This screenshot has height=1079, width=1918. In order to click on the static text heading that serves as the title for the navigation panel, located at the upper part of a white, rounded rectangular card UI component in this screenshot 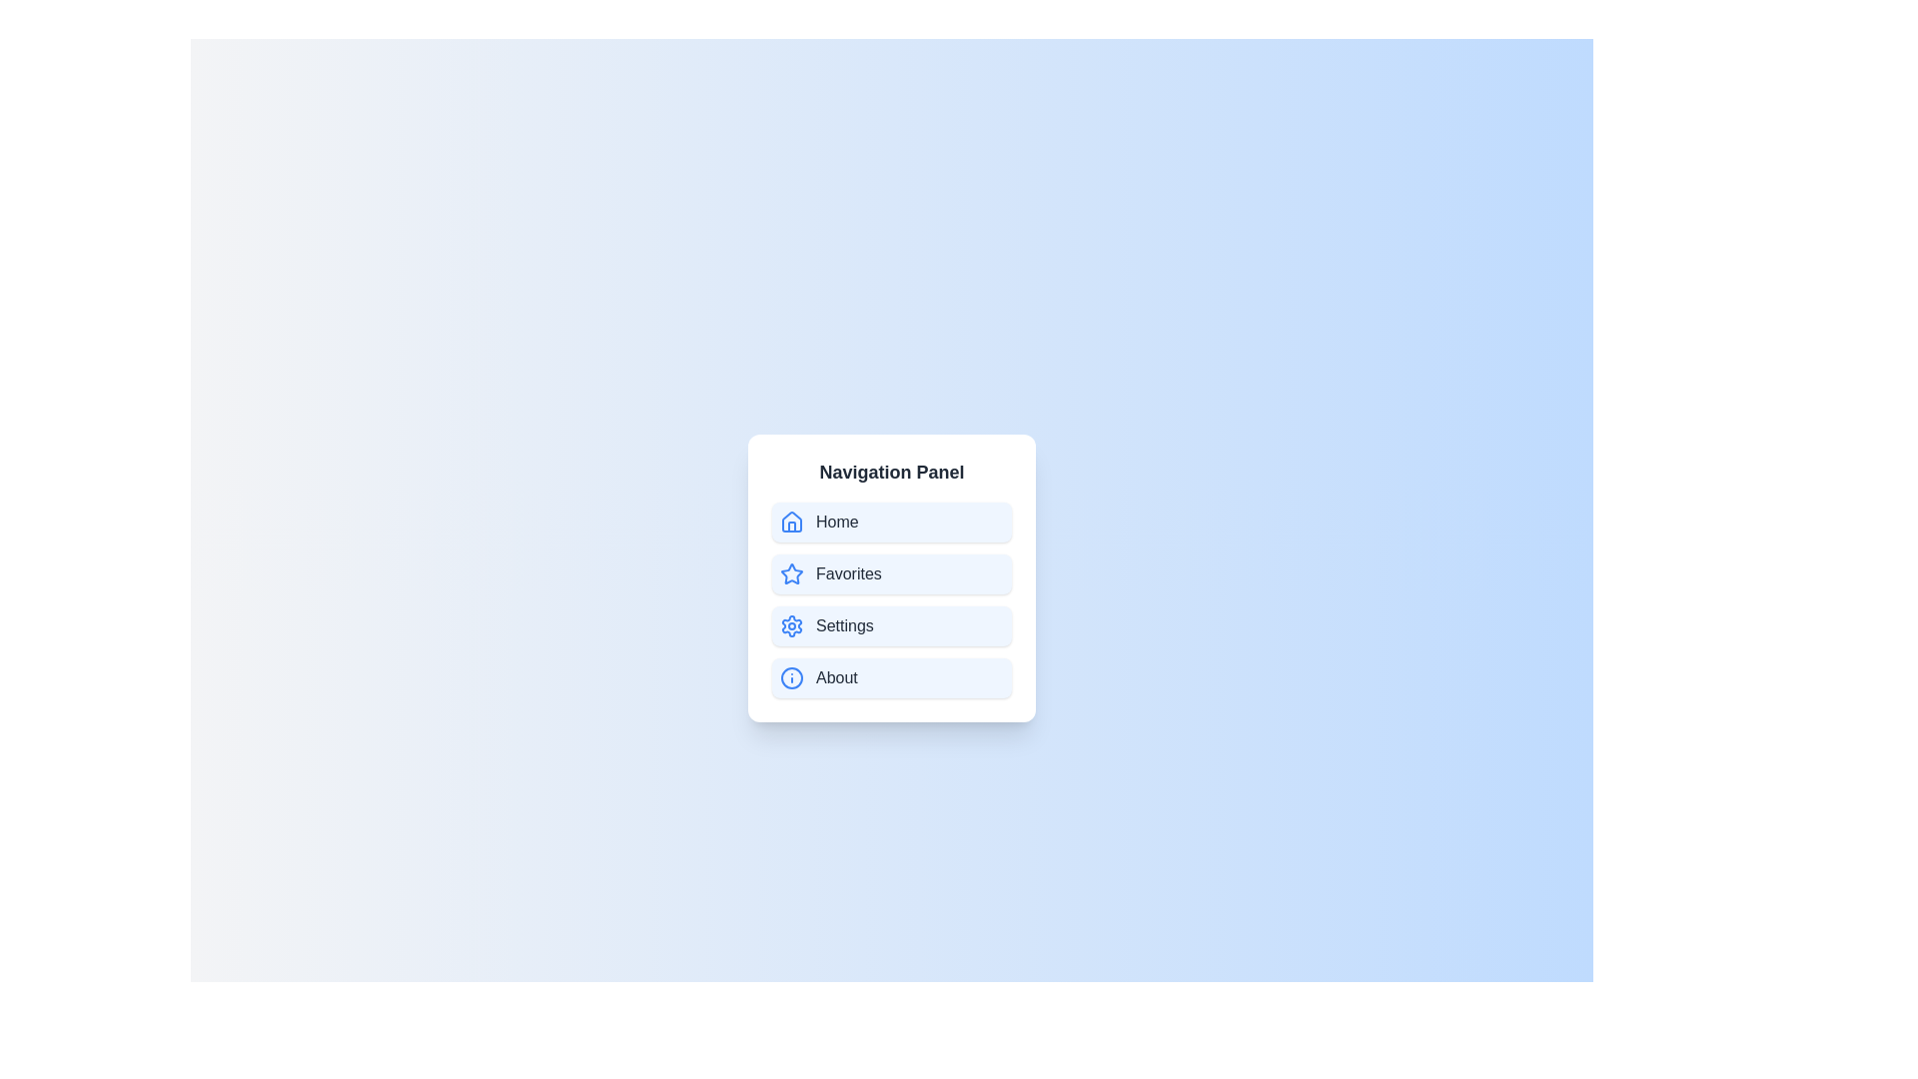, I will do `click(890, 473)`.